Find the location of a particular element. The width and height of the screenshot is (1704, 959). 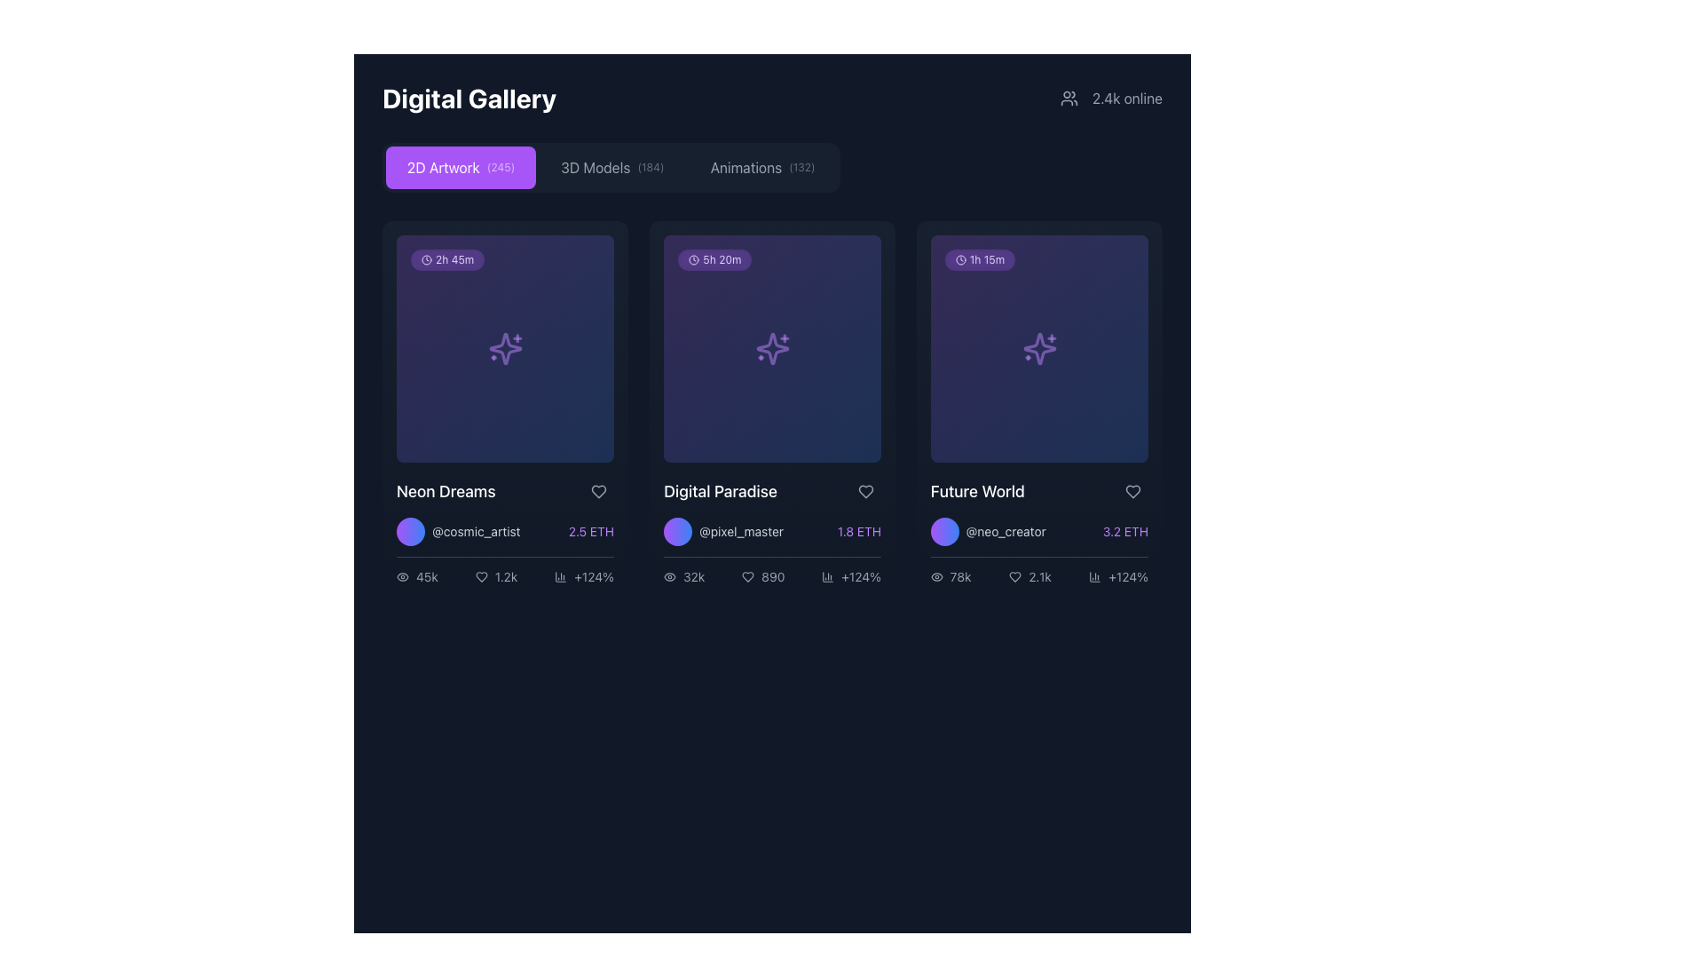

the bar chart icon located in the lower-right portion of the 'Future World' statistics section, positioned to the left of the '+124%' text for information is located at coordinates (1094, 577).